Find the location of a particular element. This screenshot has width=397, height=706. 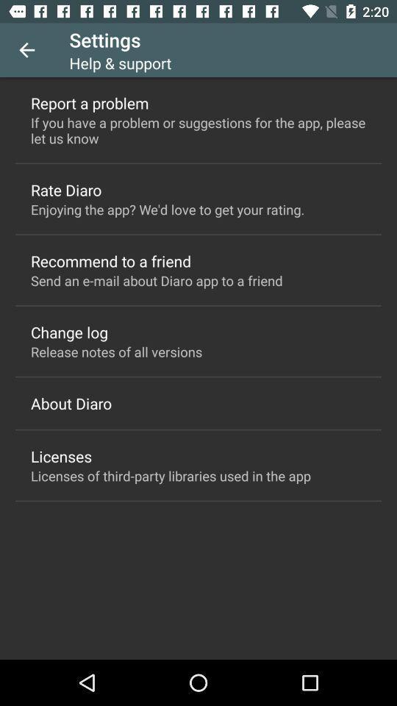

send an e item is located at coordinates (156, 279).